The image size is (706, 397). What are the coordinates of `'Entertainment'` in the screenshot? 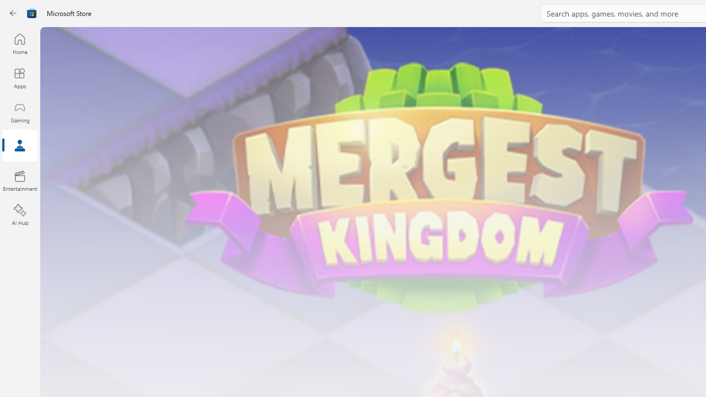 It's located at (19, 180).